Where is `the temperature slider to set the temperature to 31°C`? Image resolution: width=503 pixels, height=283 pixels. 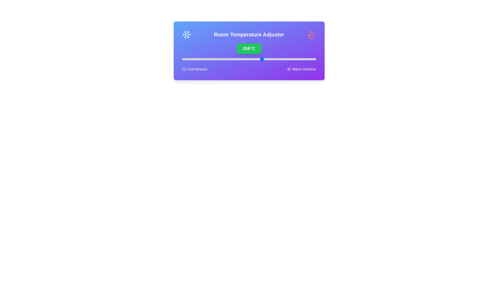
the temperature slider to set the temperature to 31°C is located at coordinates (292, 59).